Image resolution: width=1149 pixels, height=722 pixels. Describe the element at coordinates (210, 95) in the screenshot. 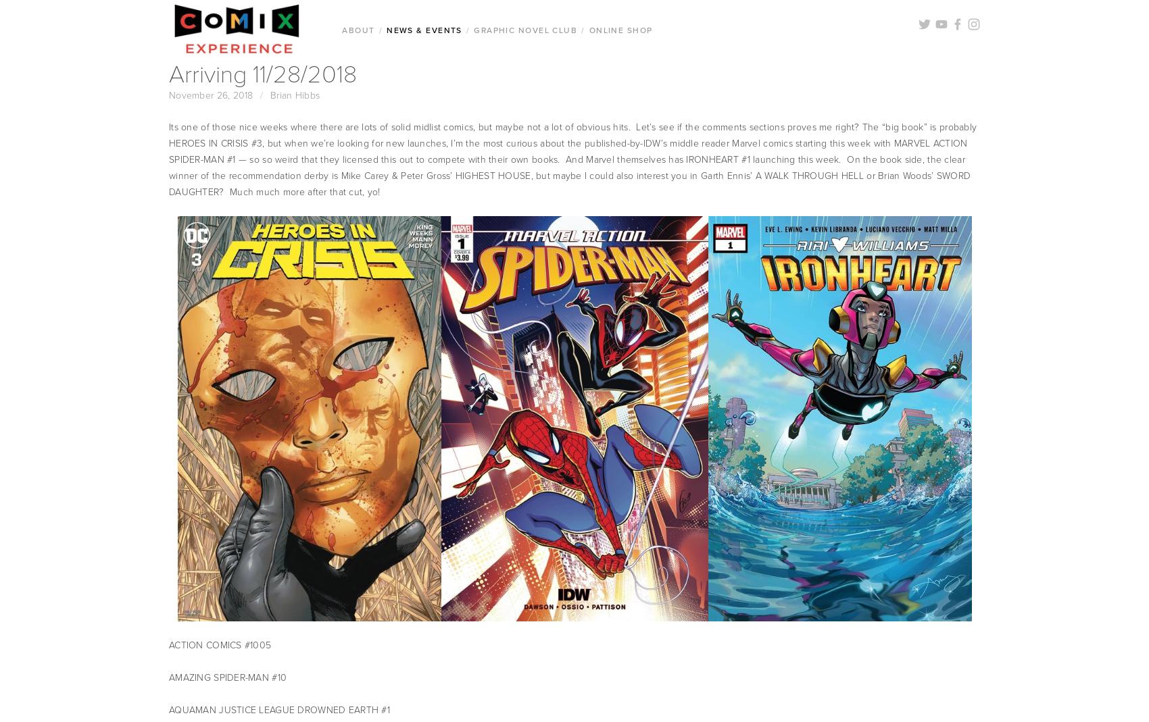

I see `'November 26, 2018'` at that location.